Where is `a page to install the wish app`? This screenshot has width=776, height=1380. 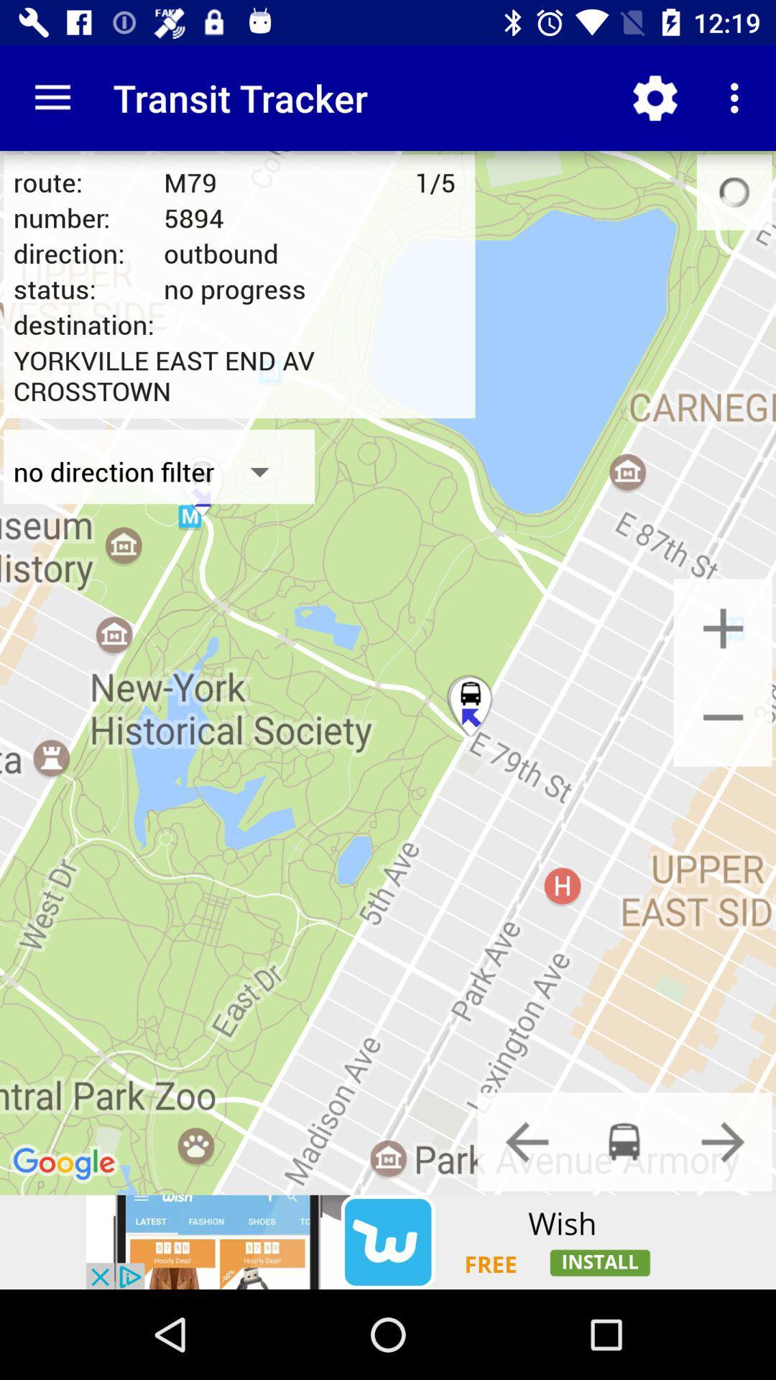
a page to install the wish app is located at coordinates (388, 1241).